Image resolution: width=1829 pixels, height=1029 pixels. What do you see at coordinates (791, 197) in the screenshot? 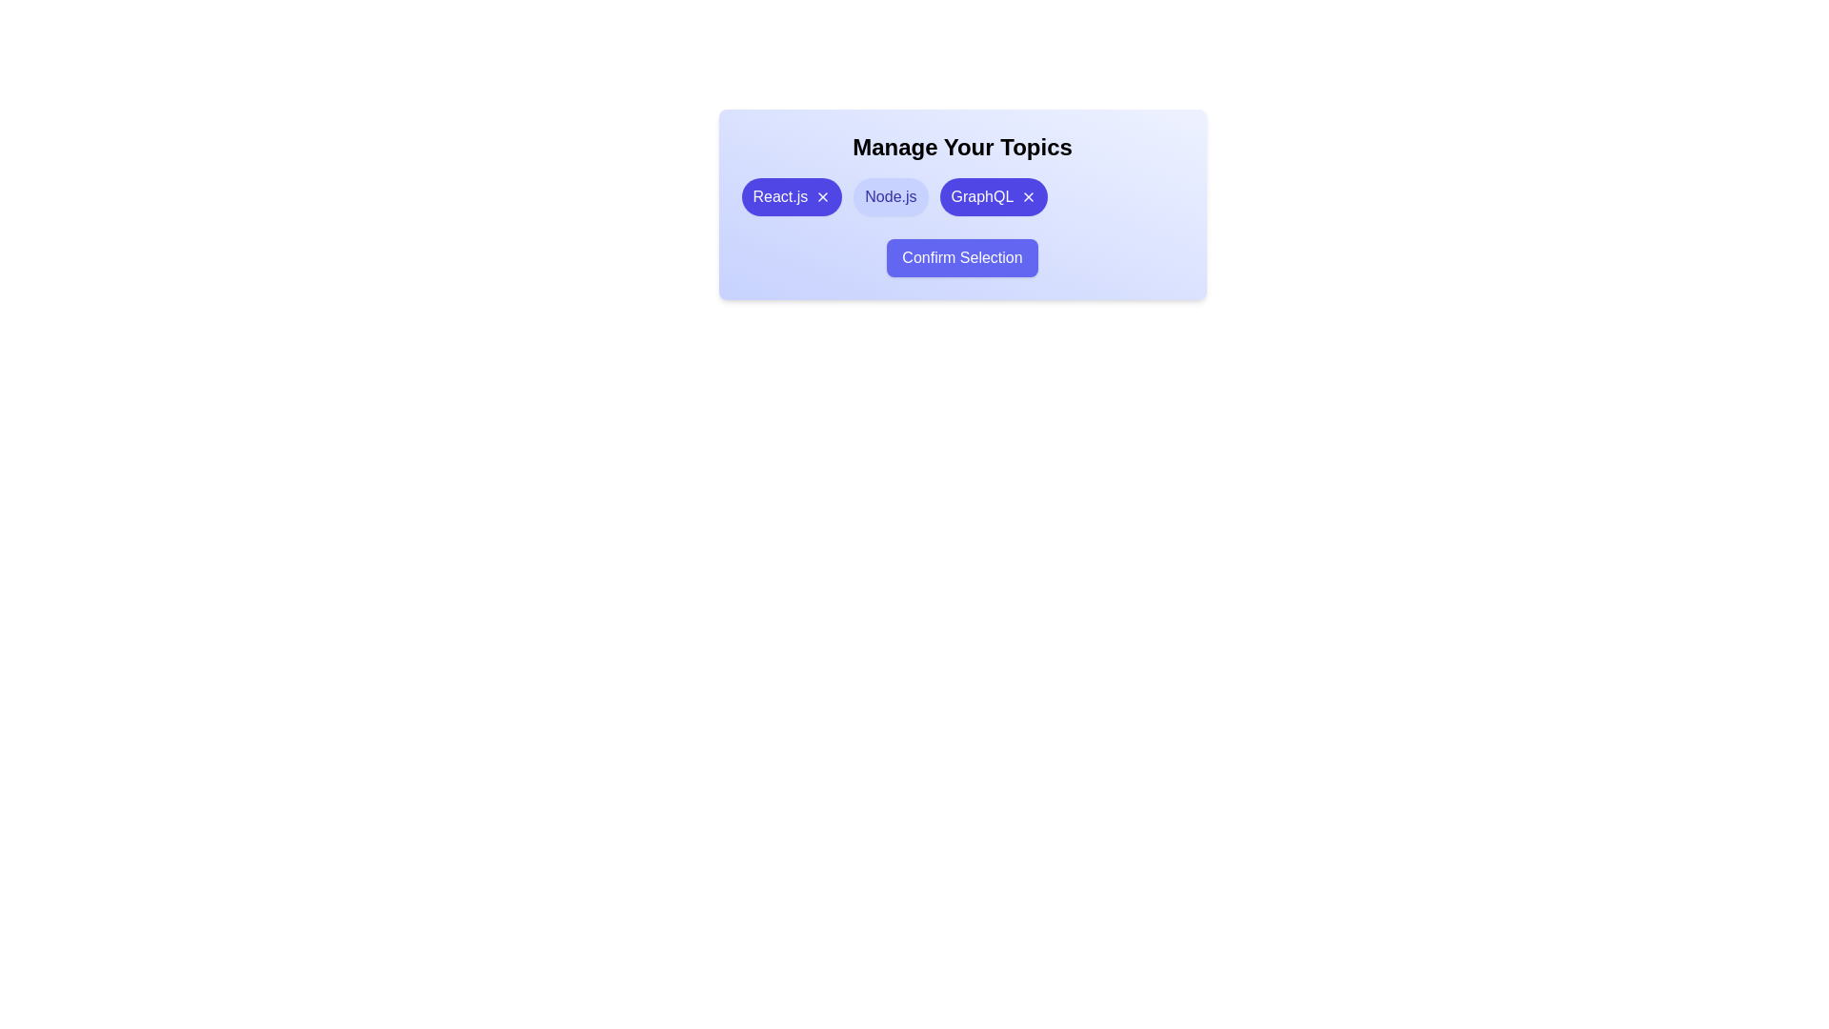
I see `the chip labeled React.js` at bounding box center [791, 197].